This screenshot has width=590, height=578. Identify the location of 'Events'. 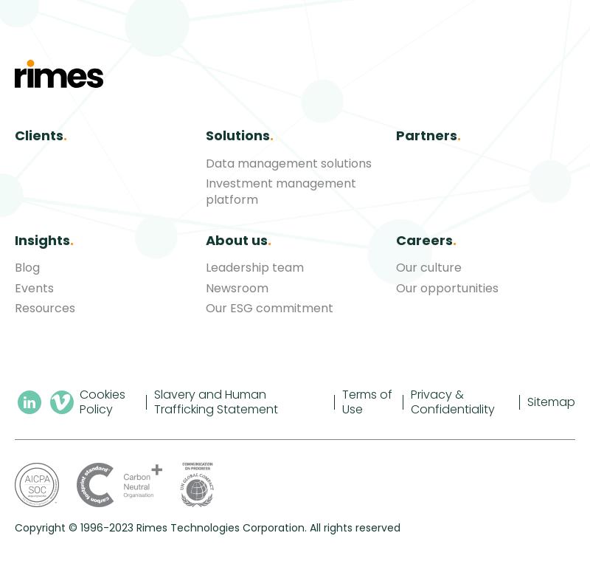
(33, 287).